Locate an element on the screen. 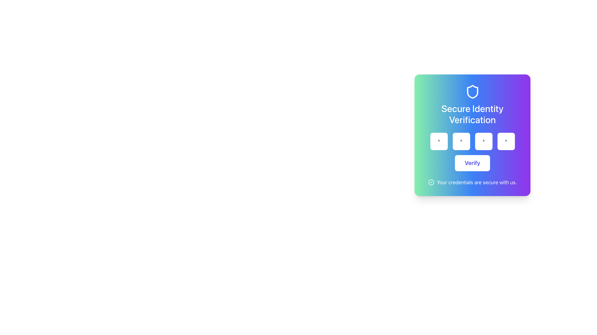 This screenshot has height=335, width=597. the fourth input field in the group of four identical, square-shaped white input fields, which are located beneath the heading 'Secure Identity Verification' and above the 'Verify' button is located at coordinates (472, 141).